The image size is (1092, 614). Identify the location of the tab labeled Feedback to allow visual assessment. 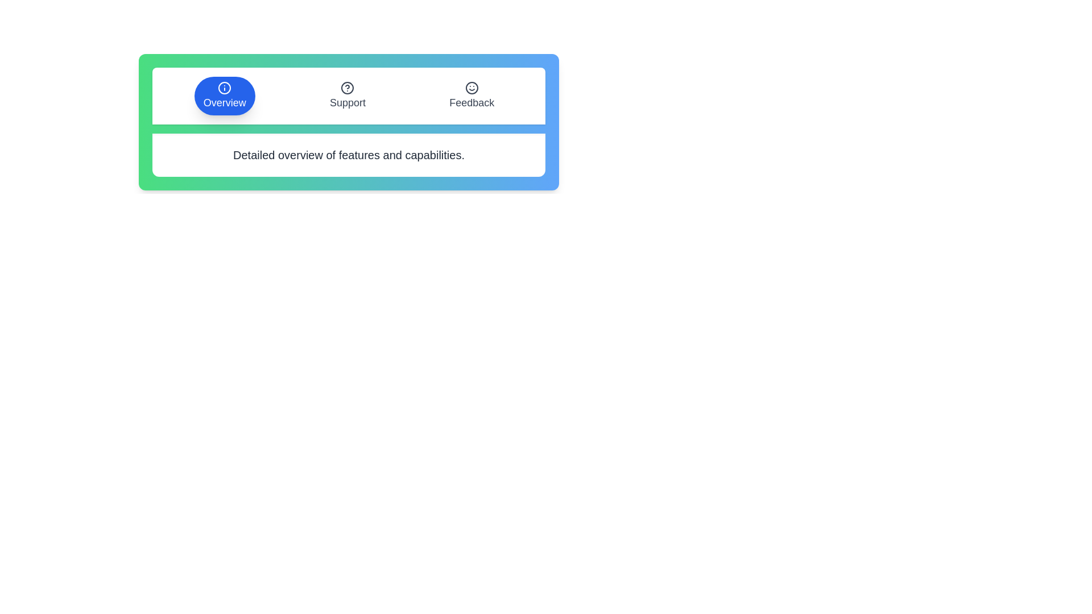
(471, 96).